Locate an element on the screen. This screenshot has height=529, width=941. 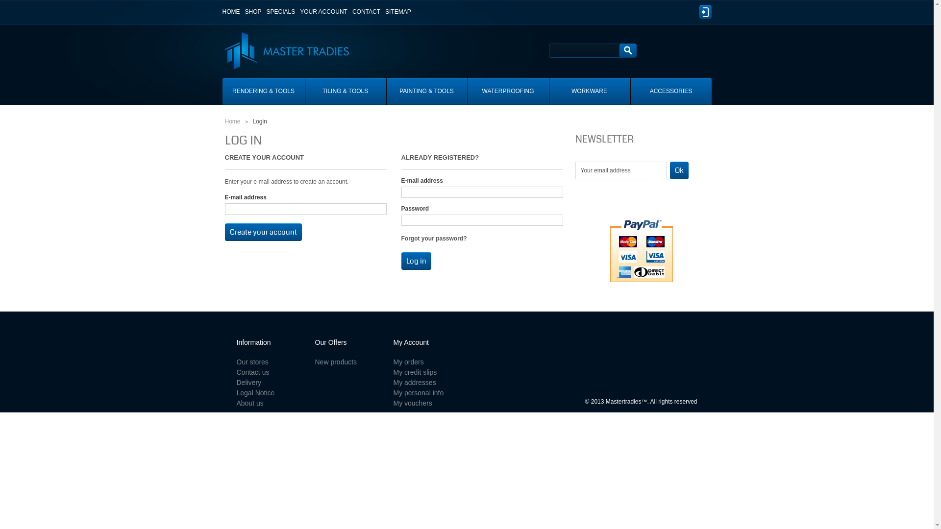
'Log in' is located at coordinates (416, 260).